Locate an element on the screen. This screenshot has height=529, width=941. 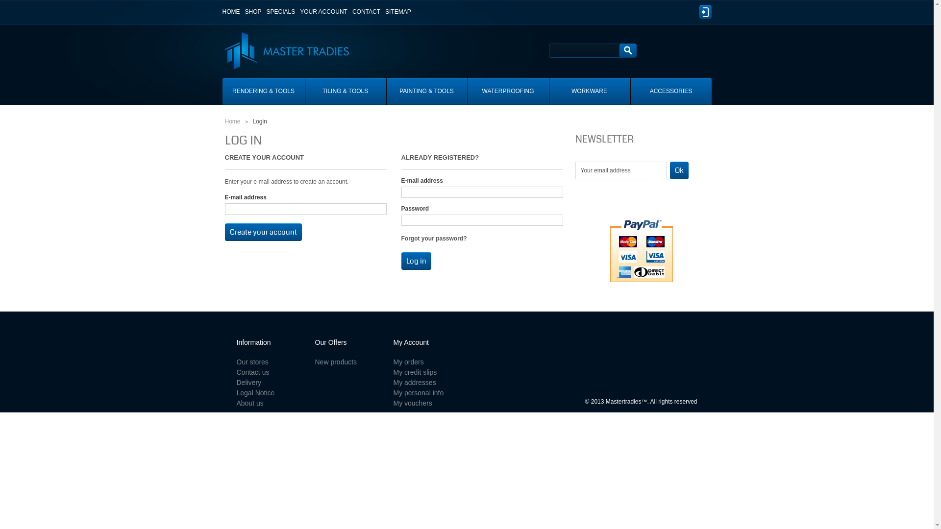
'Log in' is located at coordinates (416, 260).